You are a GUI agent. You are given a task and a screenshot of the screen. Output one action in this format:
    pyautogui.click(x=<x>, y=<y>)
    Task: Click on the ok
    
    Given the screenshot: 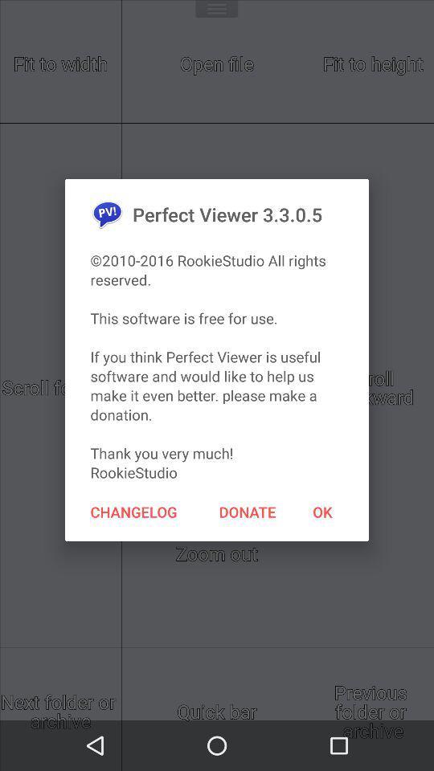 What is the action you would take?
    pyautogui.click(x=322, y=511)
    